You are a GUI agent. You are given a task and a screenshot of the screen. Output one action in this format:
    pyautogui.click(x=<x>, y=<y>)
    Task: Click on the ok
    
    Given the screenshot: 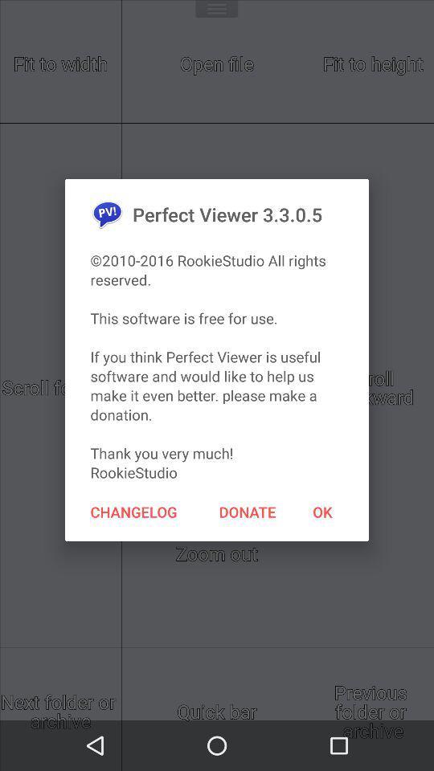 What is the action you would take?
    pyautogui.click(x=322, y=511)
    